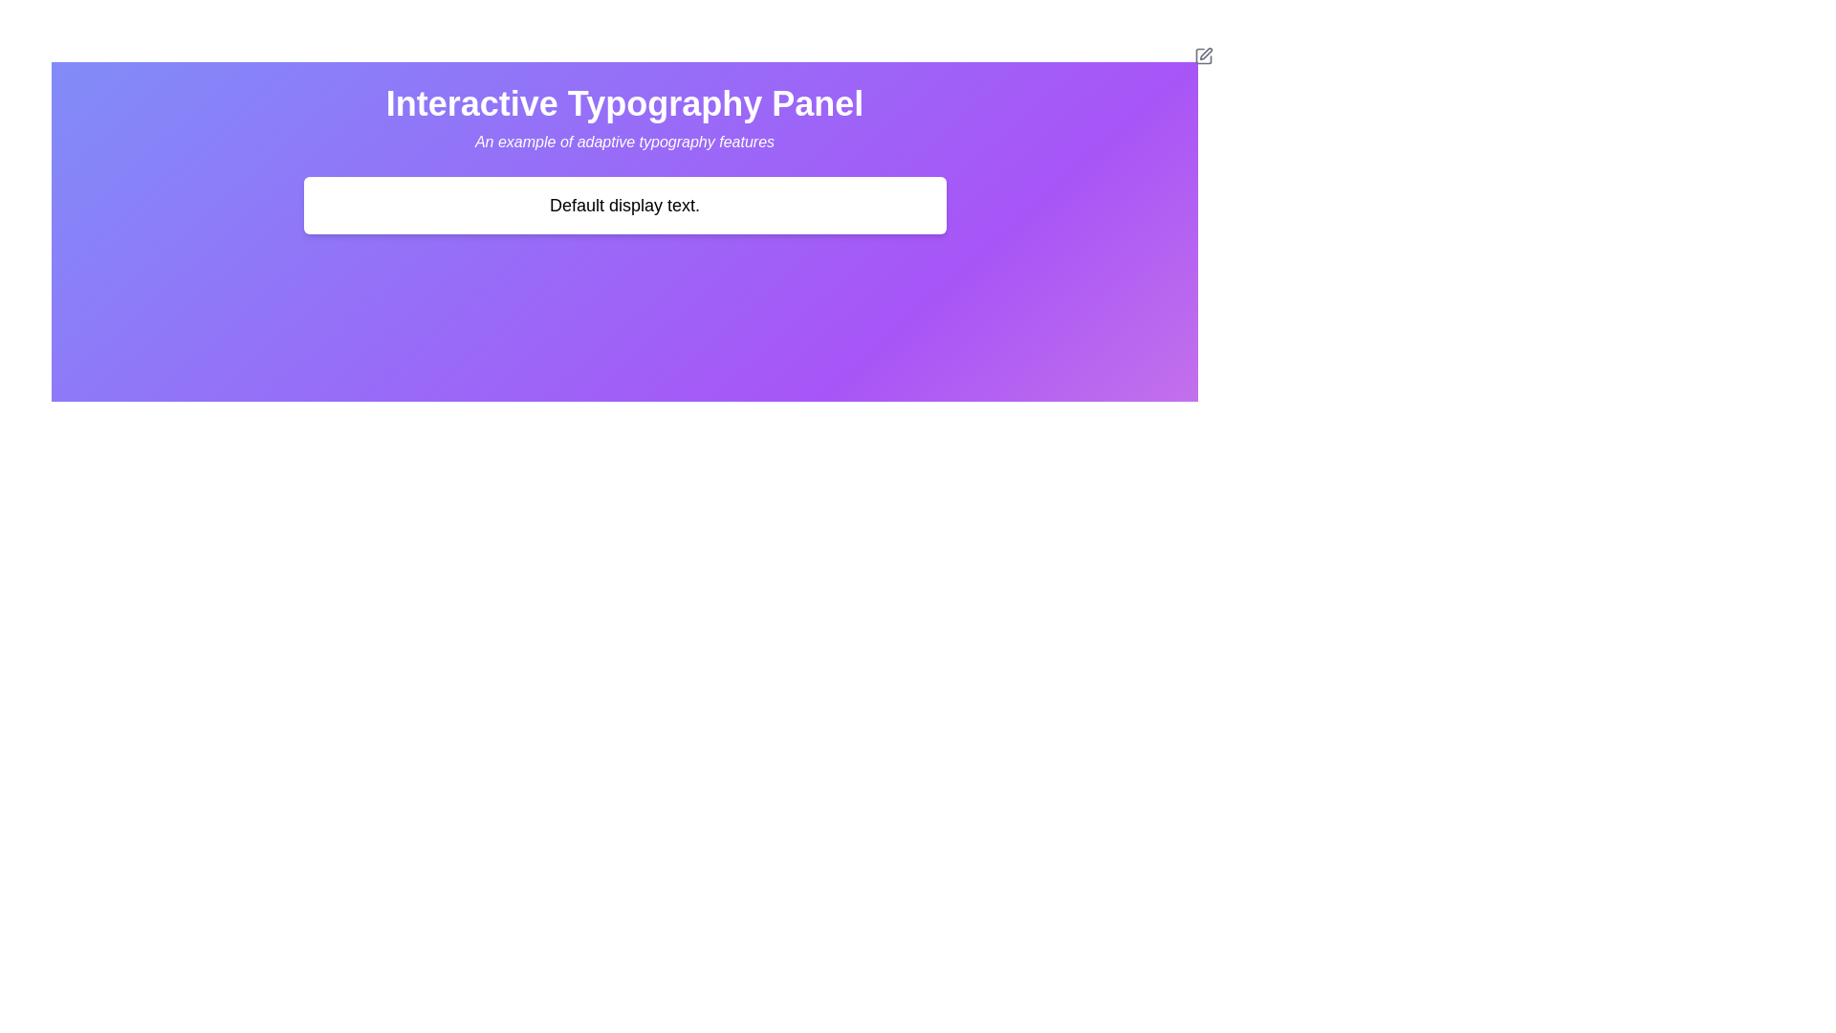 The width and height of the screenshot is (1836, 1033). What do you see at coordinates (624, 142) in the screenshot?
I see `the static text block that describes the capabilities of adaptive typography, which is located underneath the title 'Interactive Typography Panel' and above the 'Default display text' placeholder` at bounding box center [624, 142].